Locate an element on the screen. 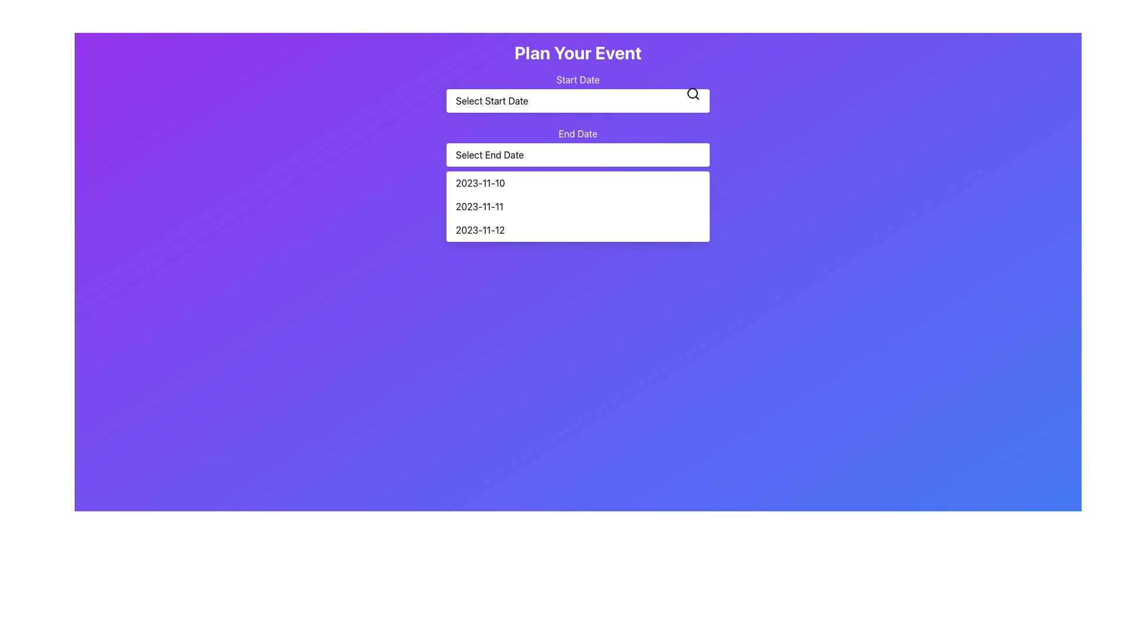 Image resolution: width=1128 pixels, height=634 pixels. the 'Start Date' dropdown menu located below the heading to modify or confirm the date selection is located at coordinates (578, 92).